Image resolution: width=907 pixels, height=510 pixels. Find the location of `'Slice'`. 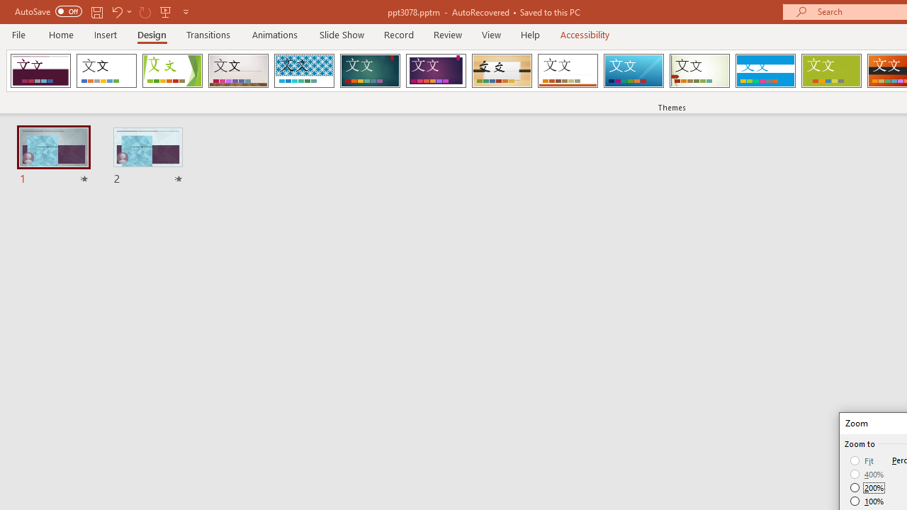

'Slice' is located at coordinates (633, 71).